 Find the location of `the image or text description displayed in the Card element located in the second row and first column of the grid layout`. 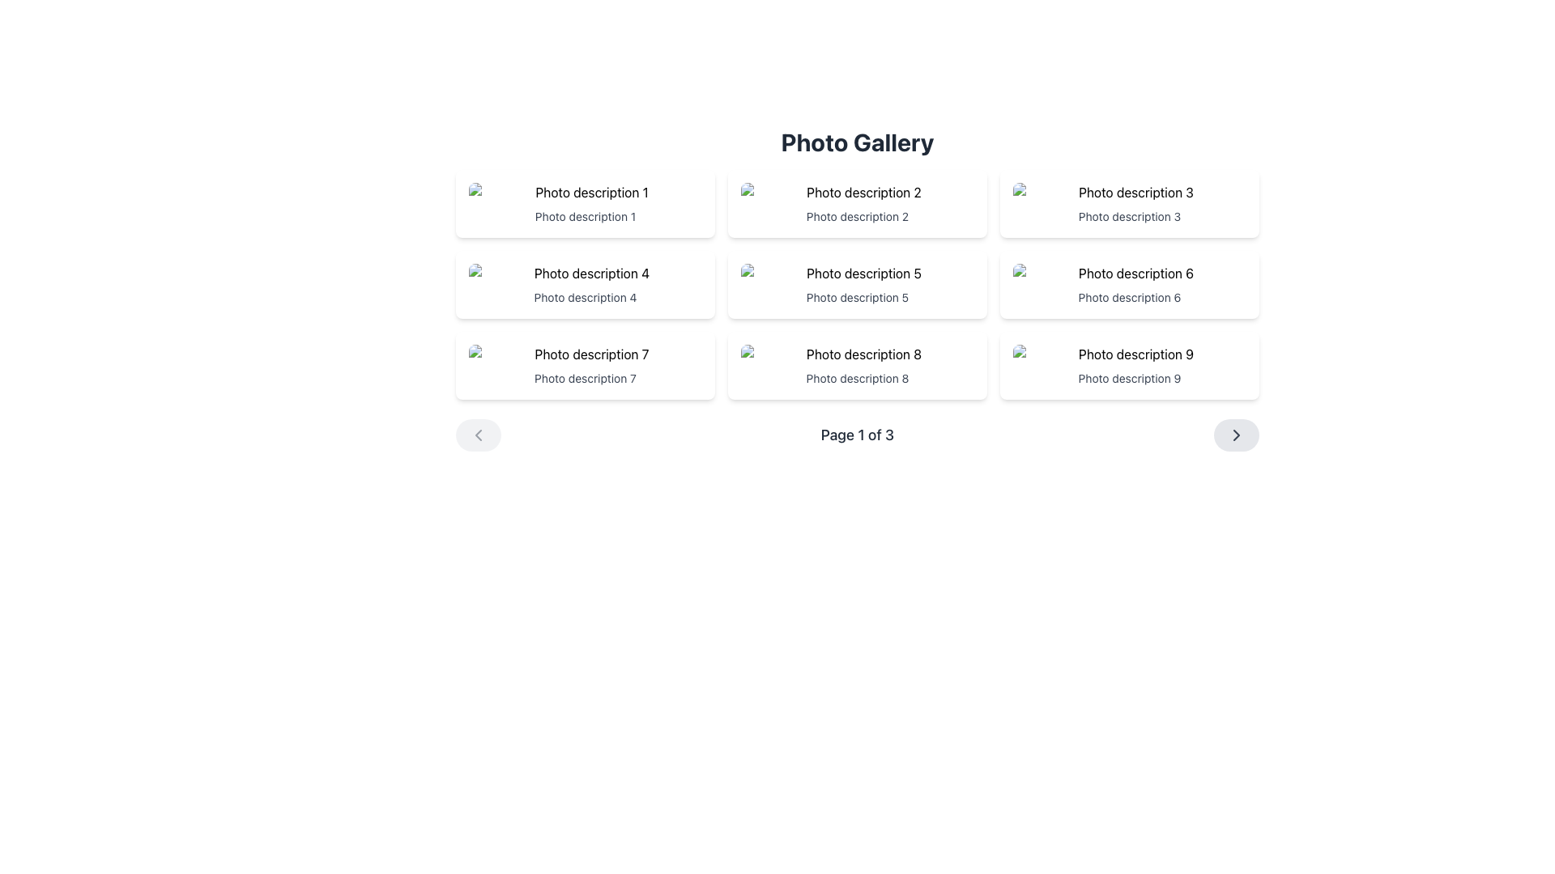

the image or text description displayed in the Card element located in the second row and first column of the grid layout is located at coordinates (585, 283).